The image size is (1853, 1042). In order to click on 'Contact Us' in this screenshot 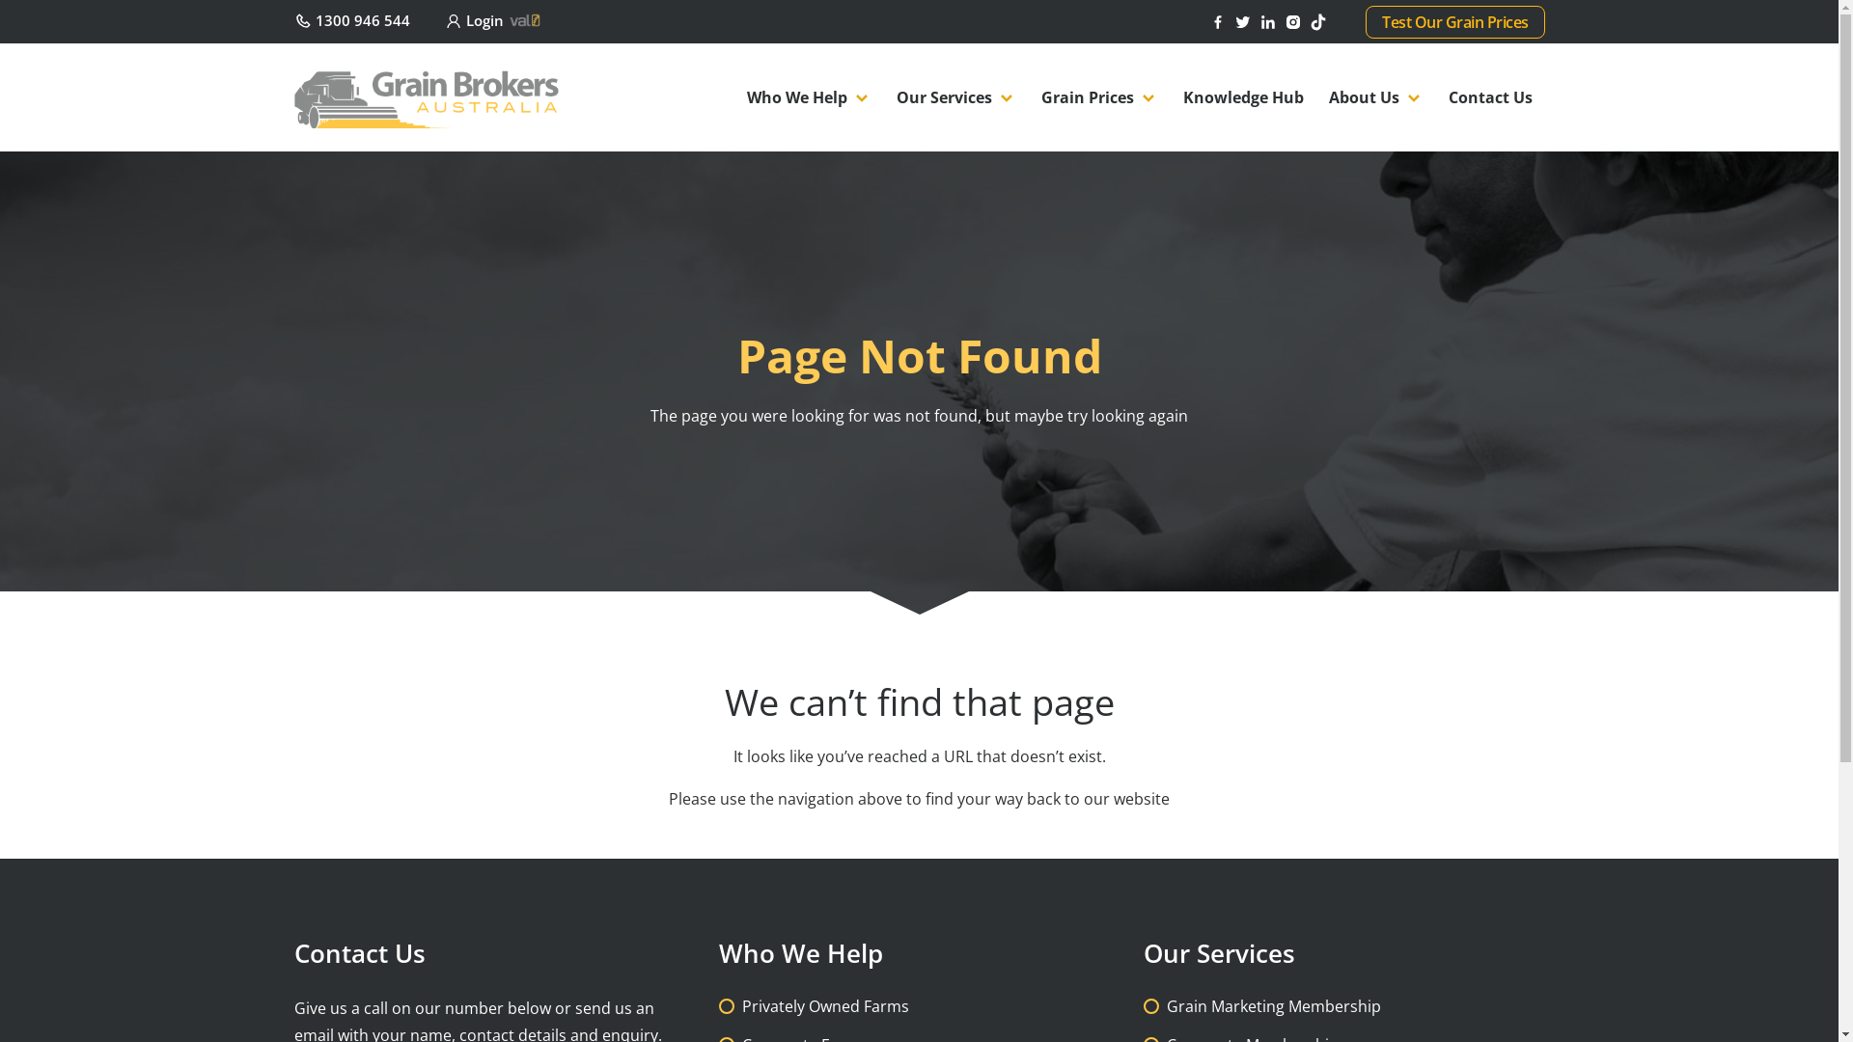, I will do `click(1489, 96)`.